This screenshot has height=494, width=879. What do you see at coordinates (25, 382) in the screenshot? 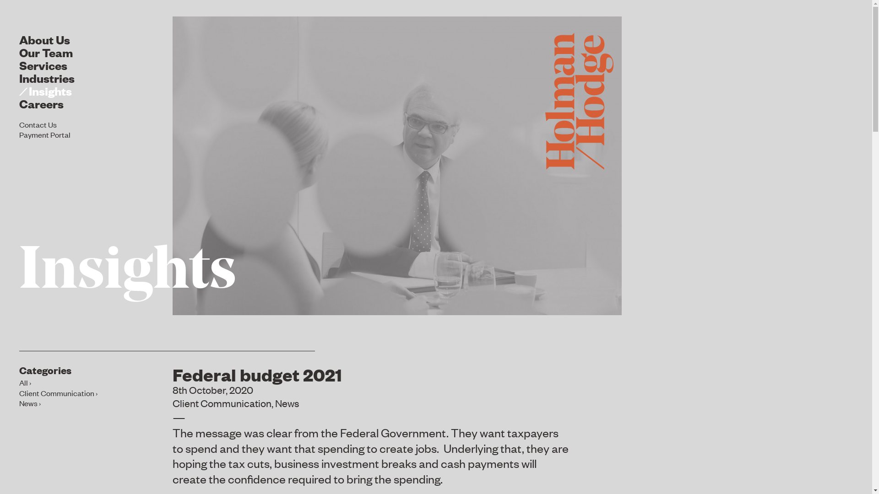
I see `'All'` at bounding box center [25, 382].